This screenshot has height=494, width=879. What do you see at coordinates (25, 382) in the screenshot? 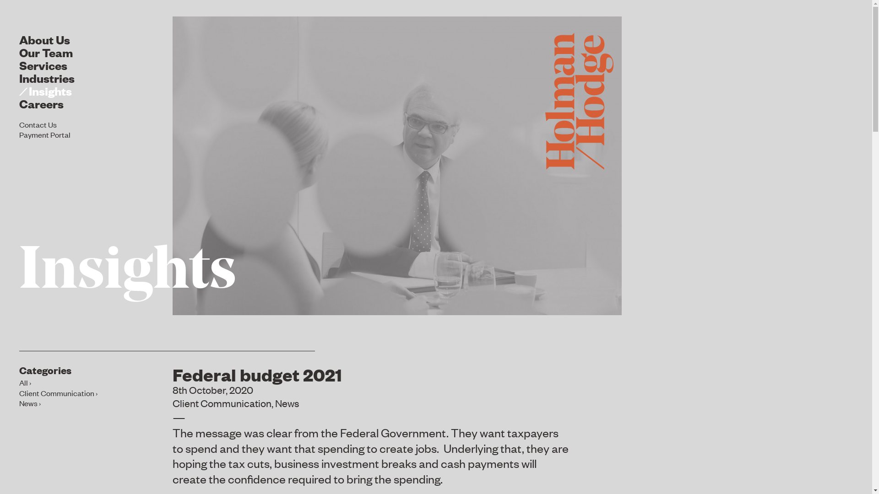
I see `'All'` at bounding box center [25, 382].